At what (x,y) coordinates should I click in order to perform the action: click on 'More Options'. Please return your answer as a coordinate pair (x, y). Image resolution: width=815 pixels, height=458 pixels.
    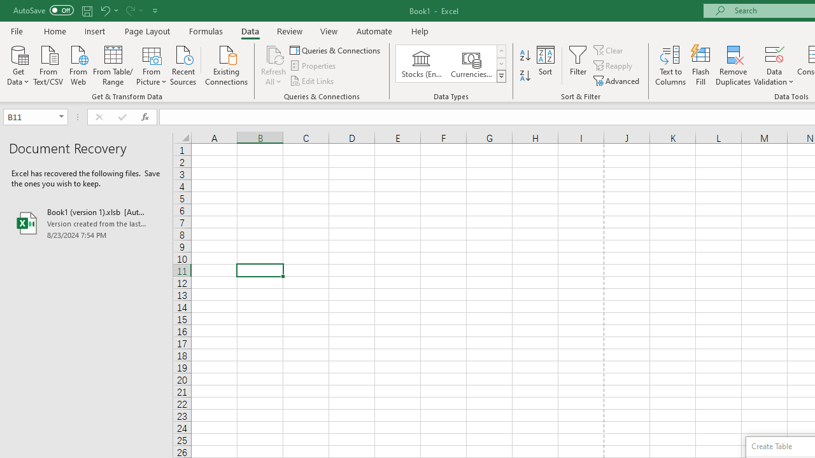
    Looking at the image, I should click on (774, 77).